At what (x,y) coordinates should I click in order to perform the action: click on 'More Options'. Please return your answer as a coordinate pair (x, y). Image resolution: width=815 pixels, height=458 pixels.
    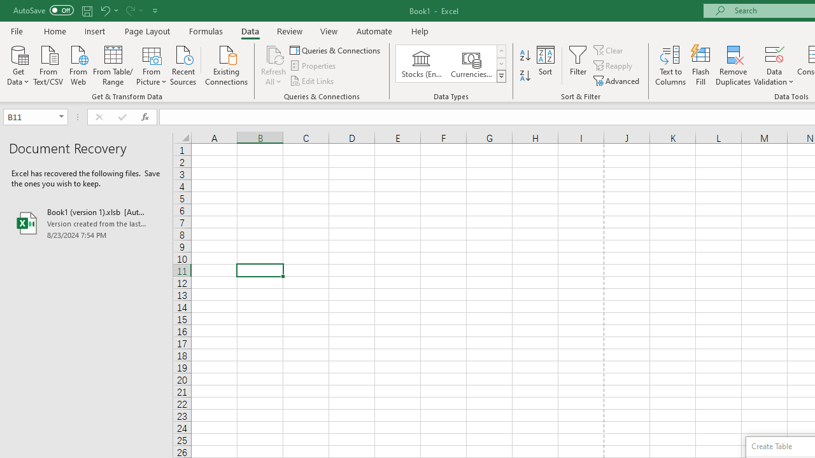
    Looking at the image, I should click on (774, 77).